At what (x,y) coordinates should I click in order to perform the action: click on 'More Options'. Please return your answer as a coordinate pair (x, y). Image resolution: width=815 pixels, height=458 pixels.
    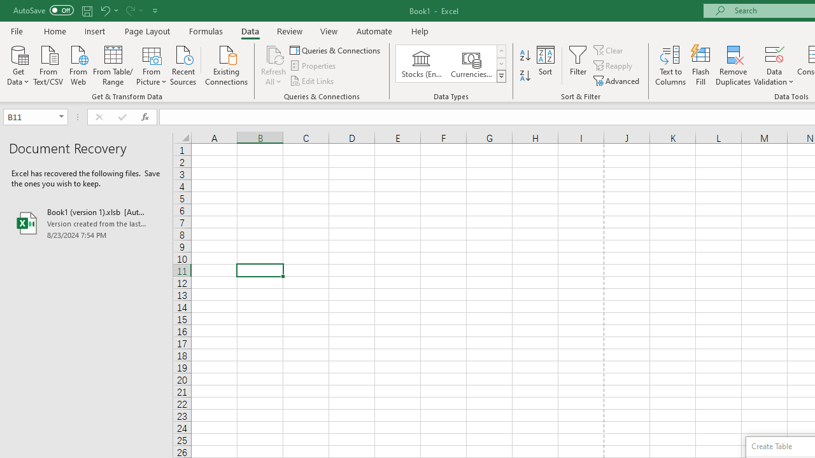
    Looking at the image, I should click on (774, 77).